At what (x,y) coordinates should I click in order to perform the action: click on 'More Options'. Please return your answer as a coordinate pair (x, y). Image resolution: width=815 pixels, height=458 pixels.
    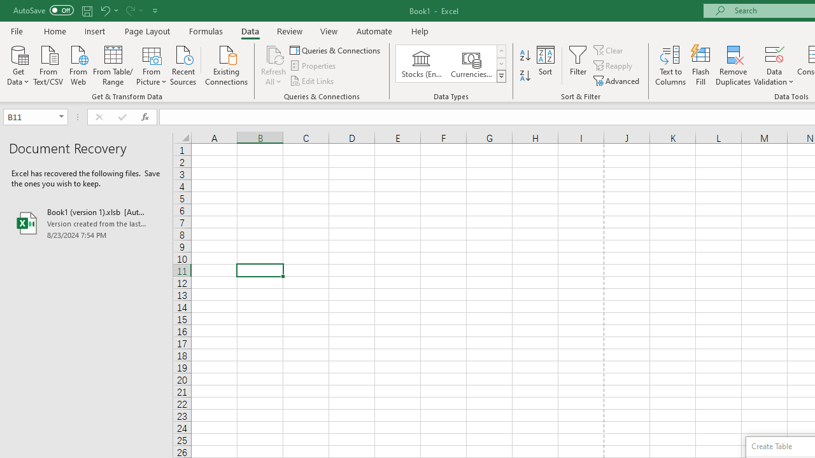
    Looking at the image, I should click on (774, 77).